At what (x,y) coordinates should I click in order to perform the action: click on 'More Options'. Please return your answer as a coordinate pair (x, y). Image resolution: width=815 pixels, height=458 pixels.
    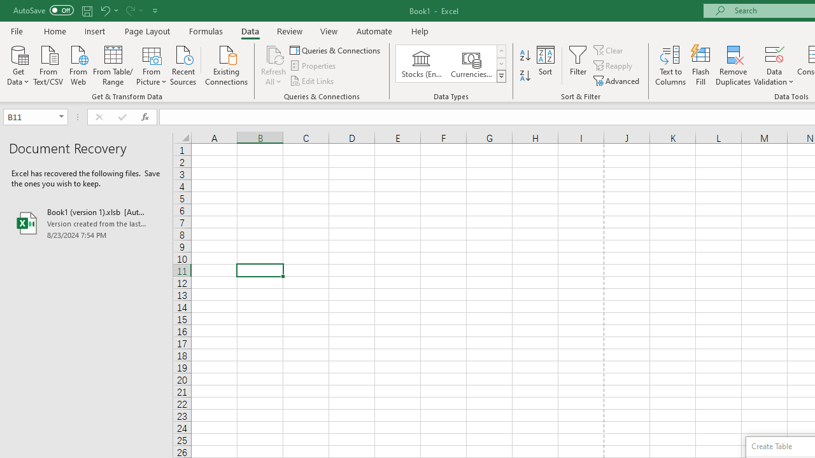
    Looking at the image, I should click on (774, 77).